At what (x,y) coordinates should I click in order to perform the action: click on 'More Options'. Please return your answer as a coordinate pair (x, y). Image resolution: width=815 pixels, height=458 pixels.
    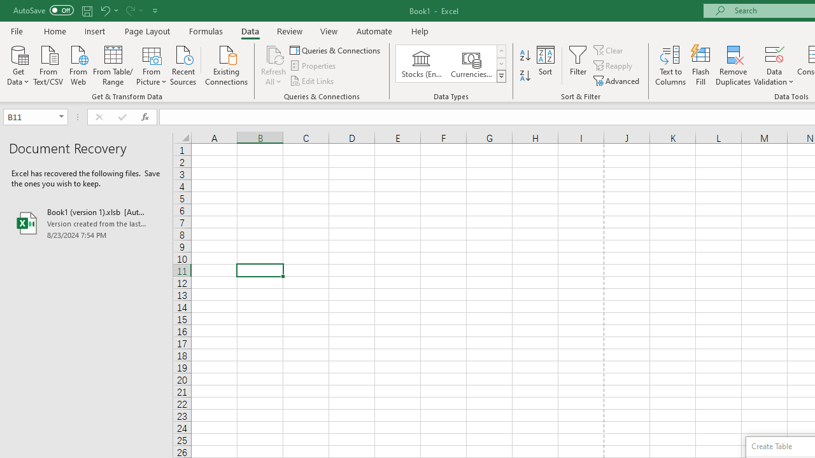
    Looking at the image, I should click on (774, 77).